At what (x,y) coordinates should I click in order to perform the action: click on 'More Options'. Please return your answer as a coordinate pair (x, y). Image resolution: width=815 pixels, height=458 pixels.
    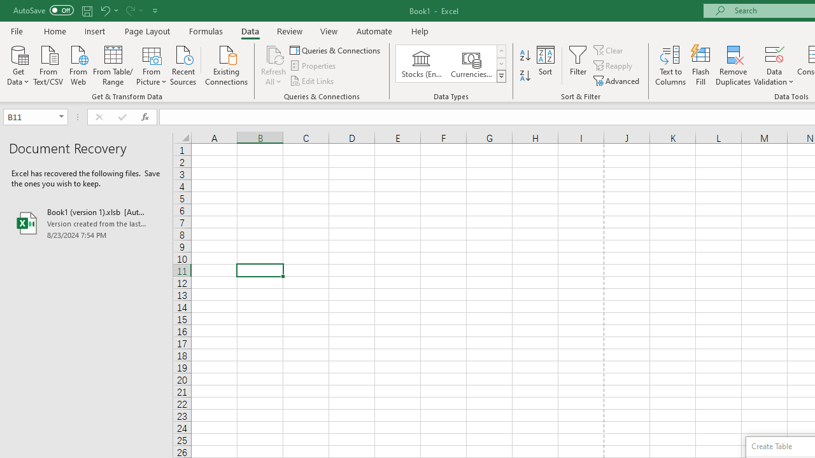
    Looking at the image, I should click on (774, 77).